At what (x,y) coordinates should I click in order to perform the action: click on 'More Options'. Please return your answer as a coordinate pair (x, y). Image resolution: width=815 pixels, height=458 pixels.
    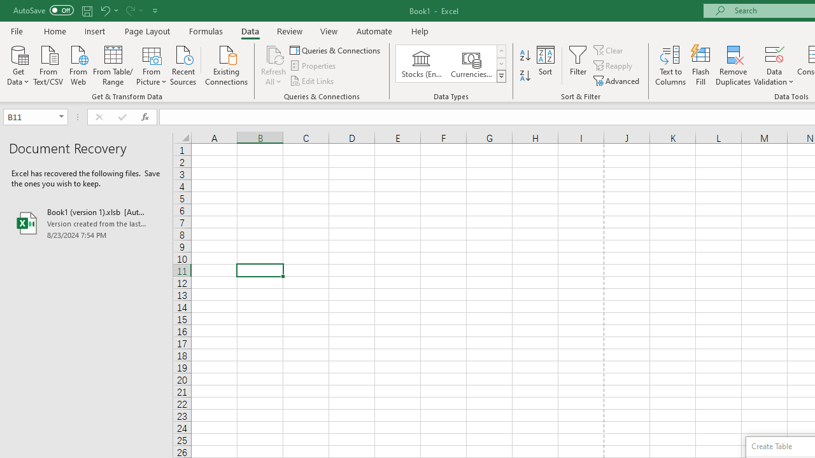
    Looking at the image, I should click on (774, 77).